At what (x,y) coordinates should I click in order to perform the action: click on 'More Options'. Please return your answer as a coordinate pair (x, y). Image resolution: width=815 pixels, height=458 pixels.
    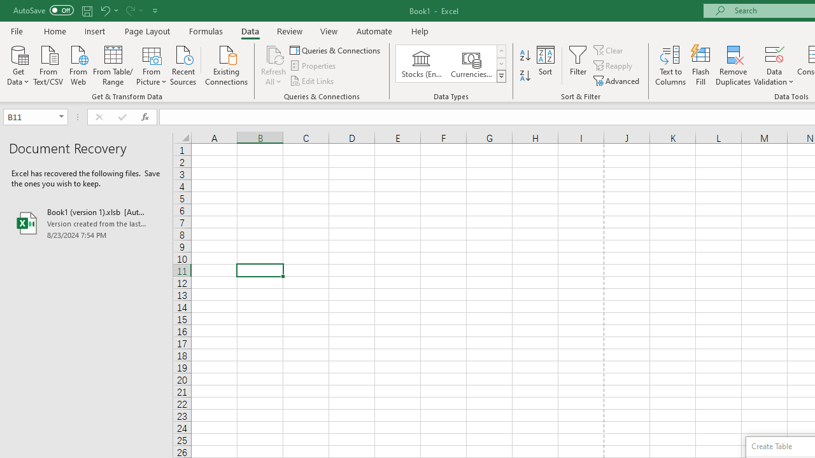
    Looking at the image, I should click on (774, 77).